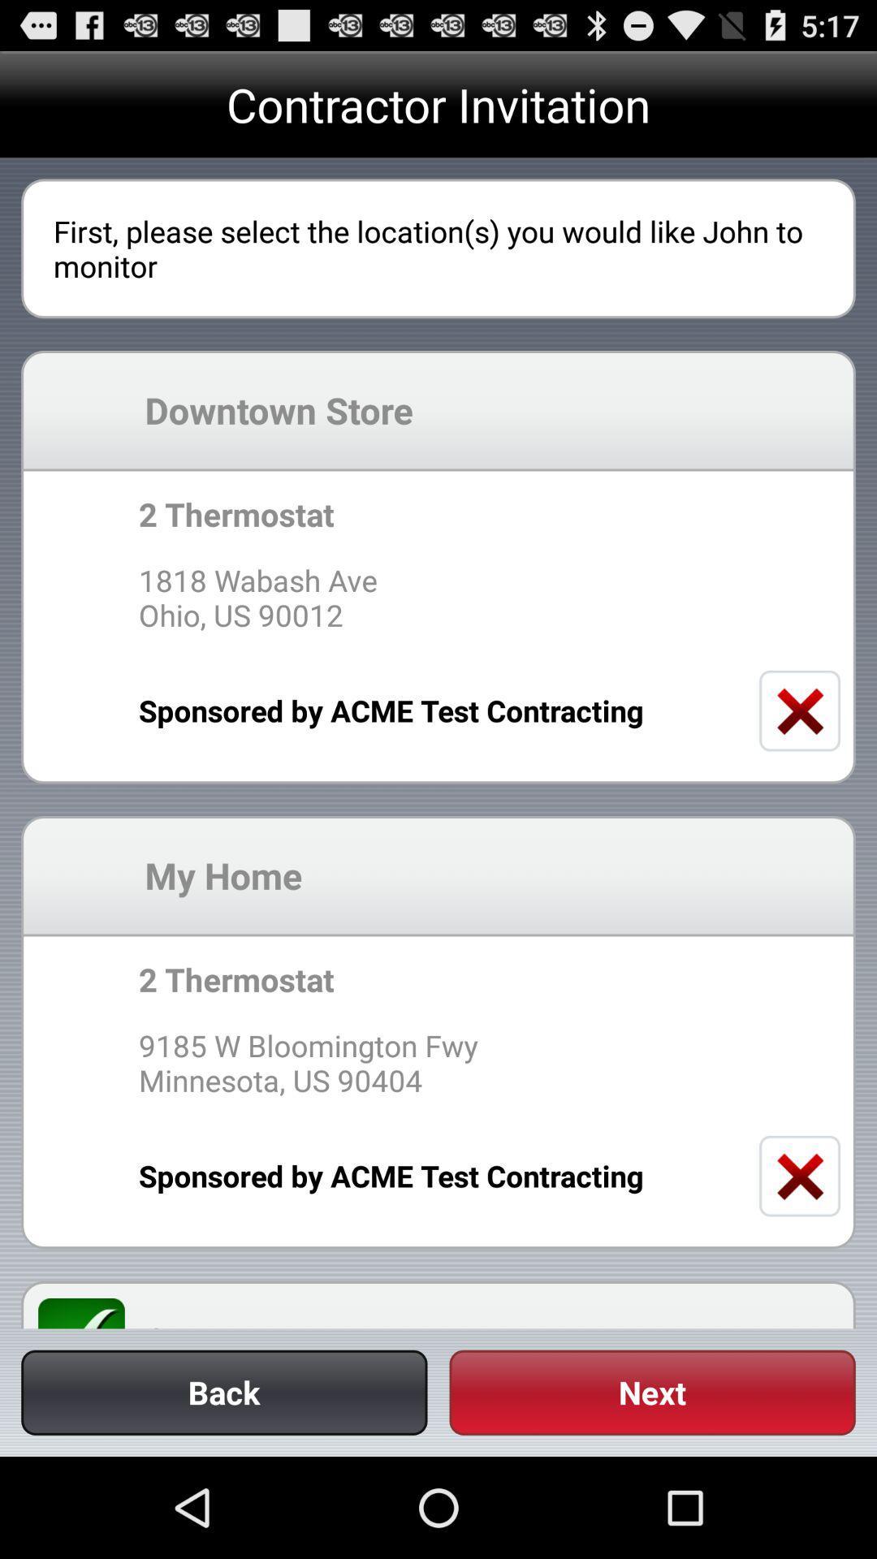 Image resolution: width=877 pixels, height=1559 pixels. I want to click on the app to the left of summer home app, so click(91, 1313).